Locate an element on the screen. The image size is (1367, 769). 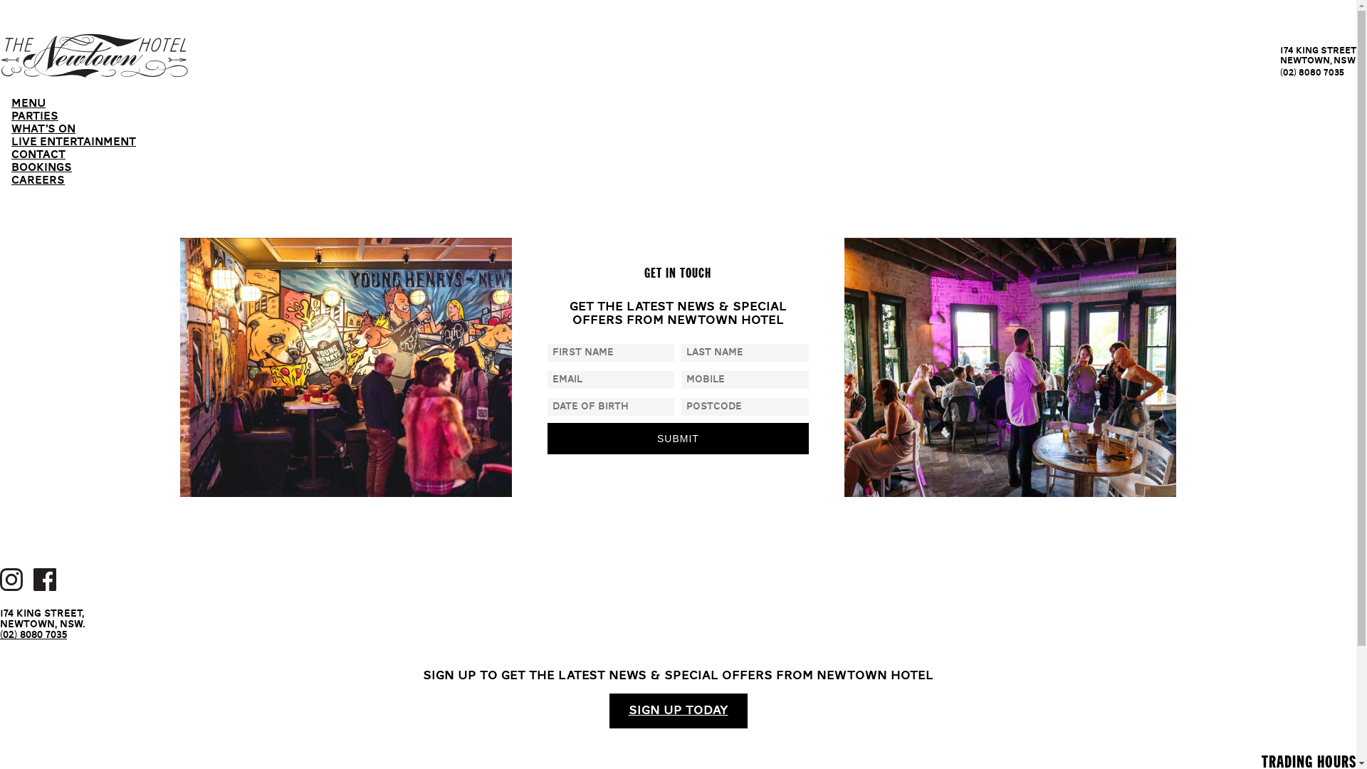
'LIVE ENTERTAINMENT' is located at coordinates (73, 142).